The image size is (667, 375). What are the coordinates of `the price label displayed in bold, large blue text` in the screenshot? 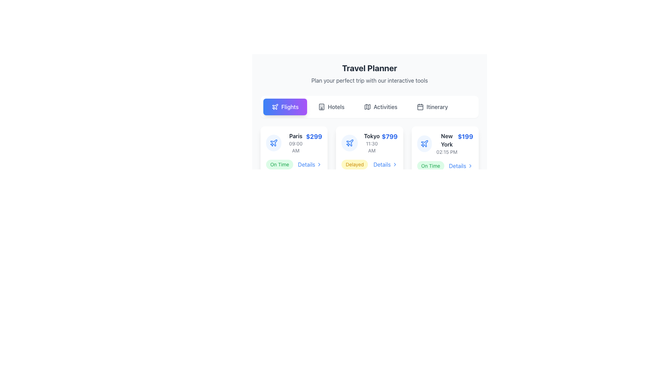 It's located at (465, 136).